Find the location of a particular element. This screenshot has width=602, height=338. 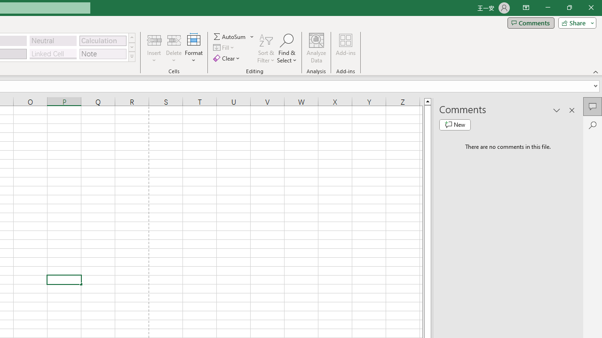

'Collapse the Ribbon' is located at coordinates (595, 71).